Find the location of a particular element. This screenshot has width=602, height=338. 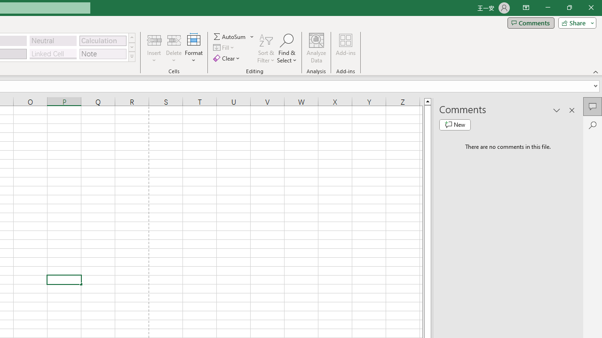

'Collapse the Ribbon' is located at coordinates (595, 71).